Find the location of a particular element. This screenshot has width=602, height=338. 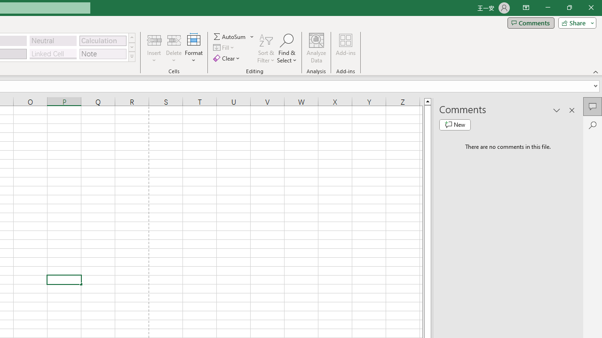

'Collapse the Ribbon' is located at coordinates (595, 71).